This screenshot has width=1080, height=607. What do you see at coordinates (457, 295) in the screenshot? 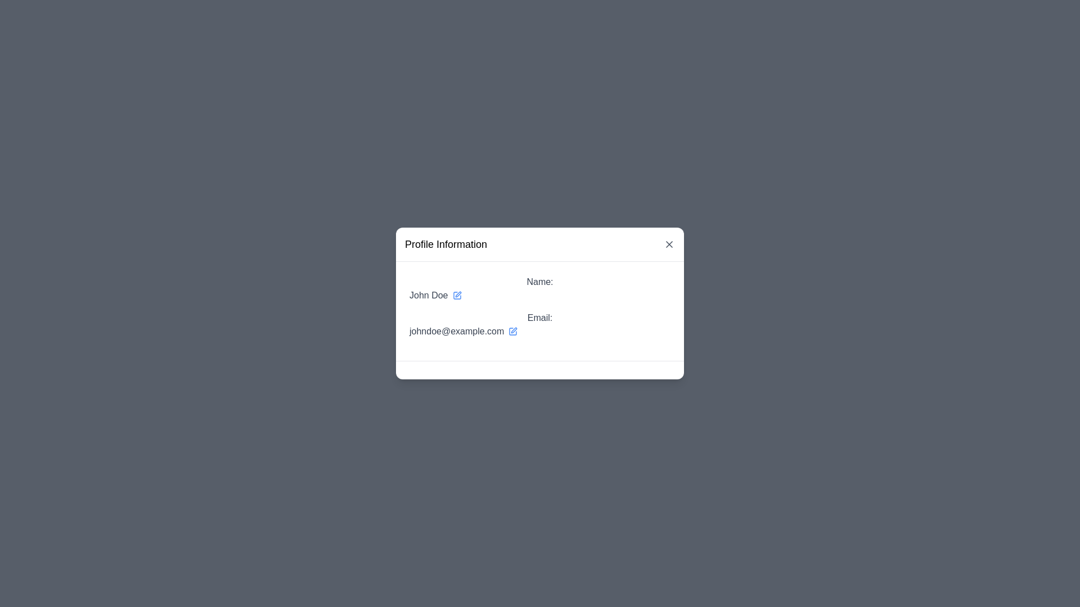
I see `the edit icon button located to the right of the text 'John Doe' in the profile information dialog box to initiate editing` at bounding box center [457, 295].